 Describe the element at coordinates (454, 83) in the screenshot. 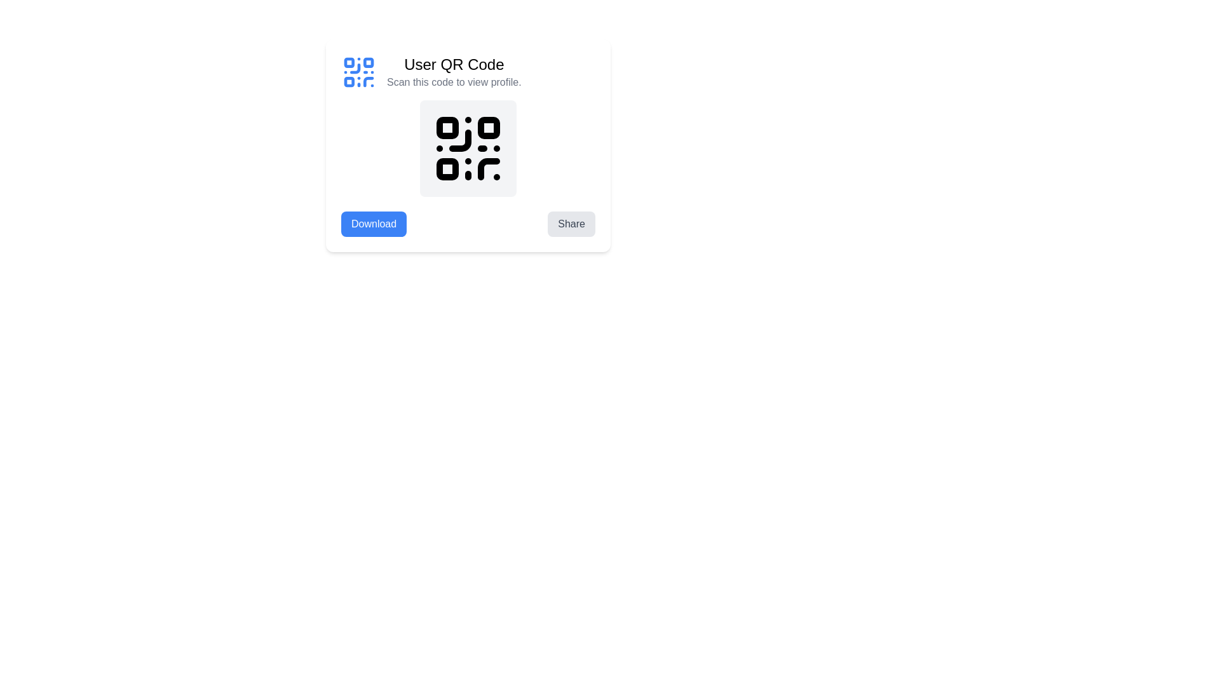

I see `the text label that says 'Scan this code` at that location.